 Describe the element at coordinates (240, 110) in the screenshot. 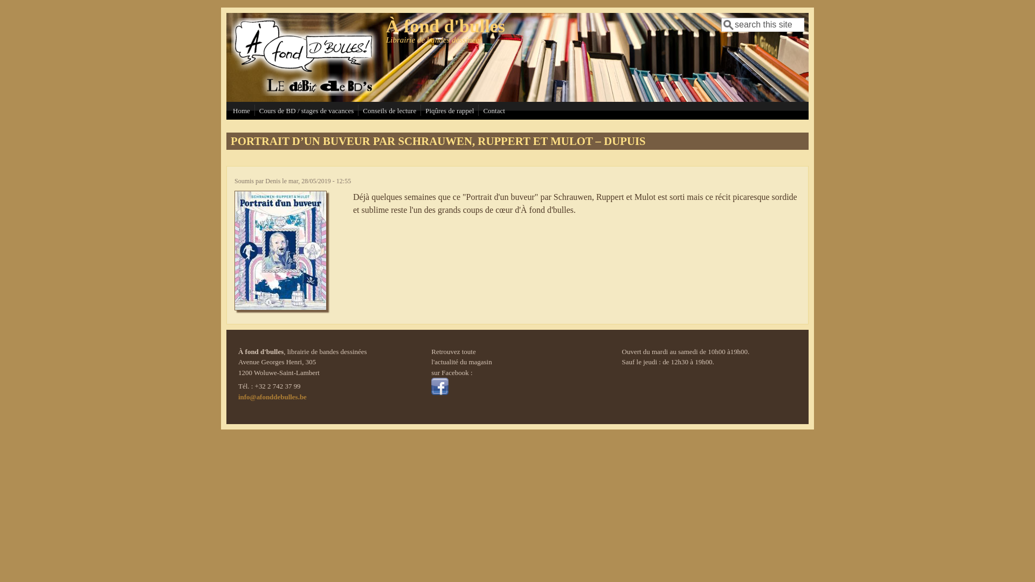

I see `'Home'` at that location.